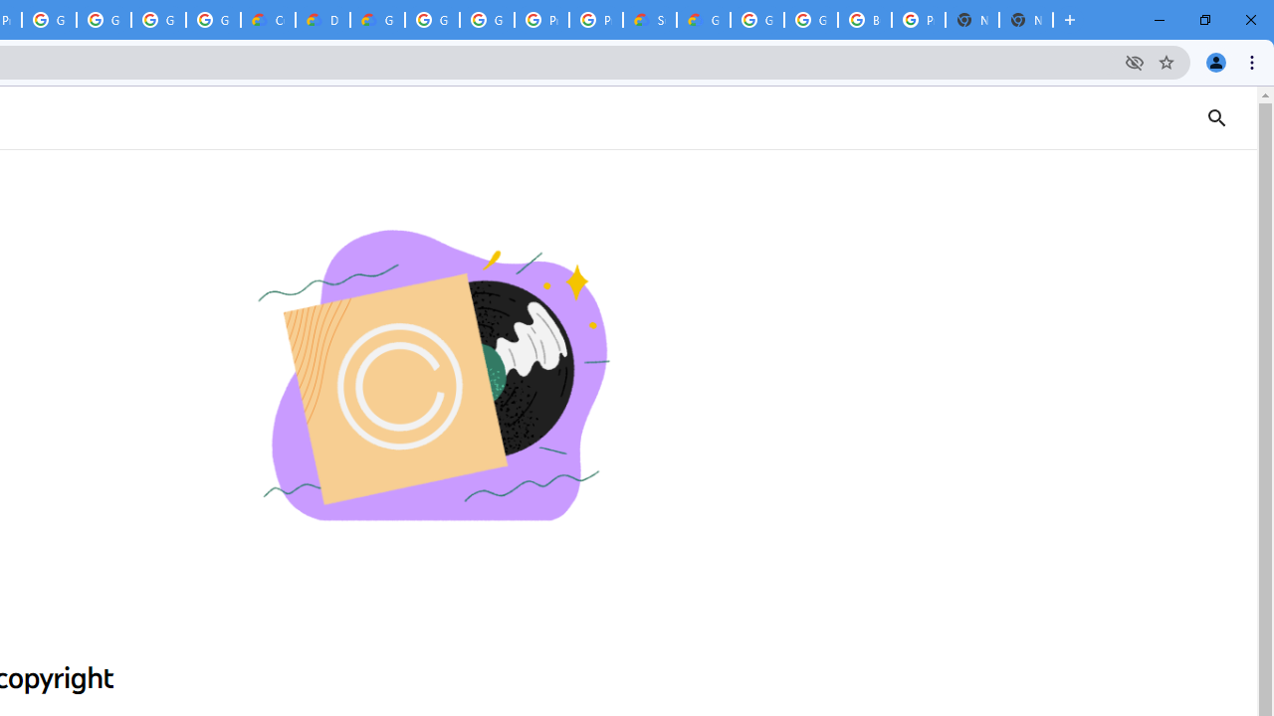 This screenshot has width=1274, height=716. I want to click on 'Support Hub | Google Cloud', so click(649, 20).